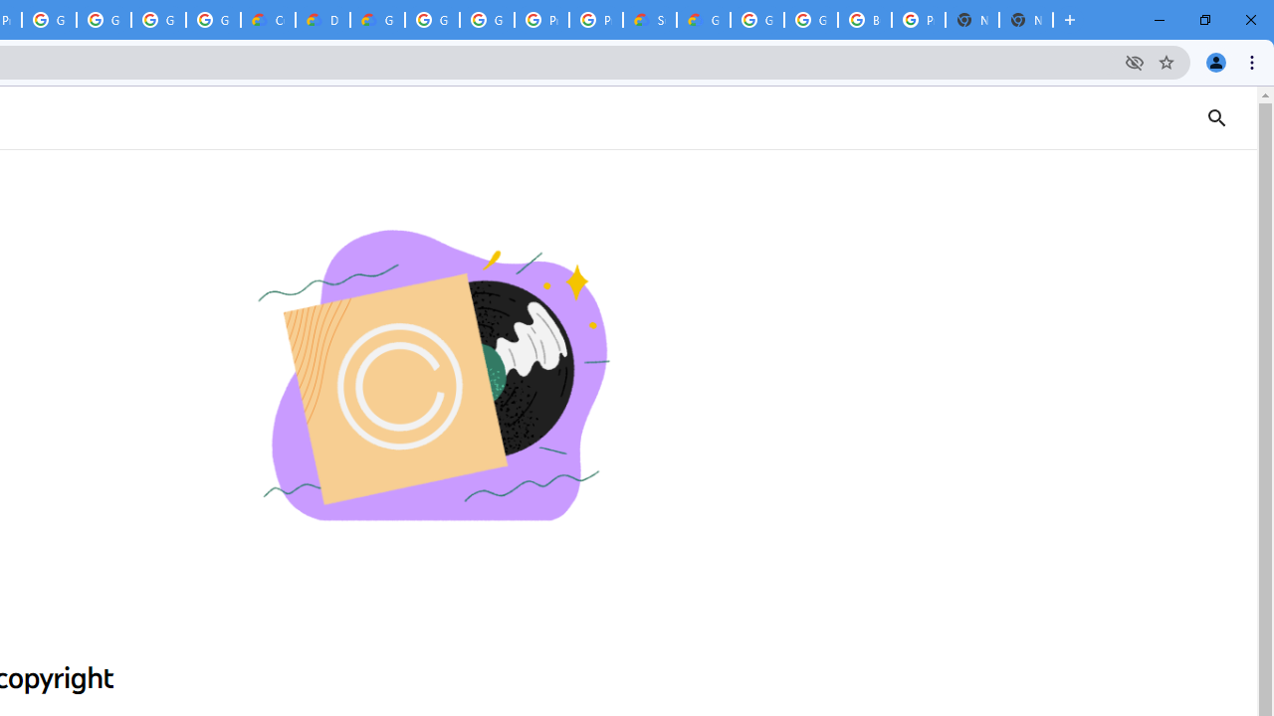 This screenshot has width=1274, height=716. I want to click on 'Support Hub | Google Cloud', so click(649, 20).